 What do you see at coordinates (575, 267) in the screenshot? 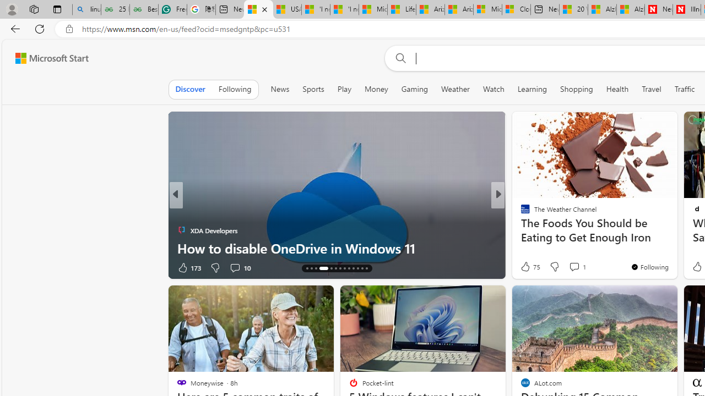
I see `'View comments 40 Comment'` at bounding box center [575, 267].